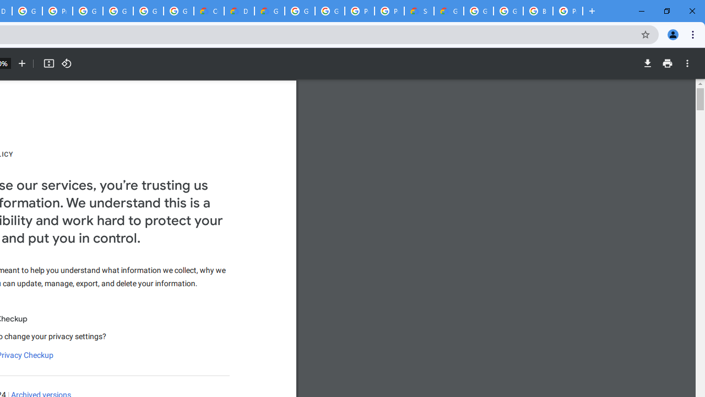 This screenshot has height=397, width=705. What do you see at coordinates (647, 63) in the screenshot?
I see `'Download'` at bounding box center [647, 63].